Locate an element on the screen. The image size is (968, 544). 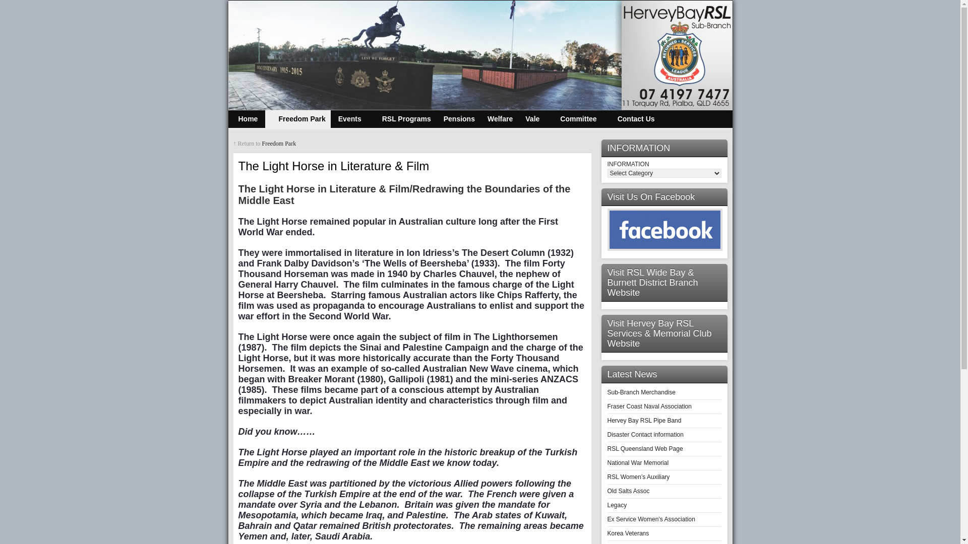
'Home' is located at coordinates (248, 118).